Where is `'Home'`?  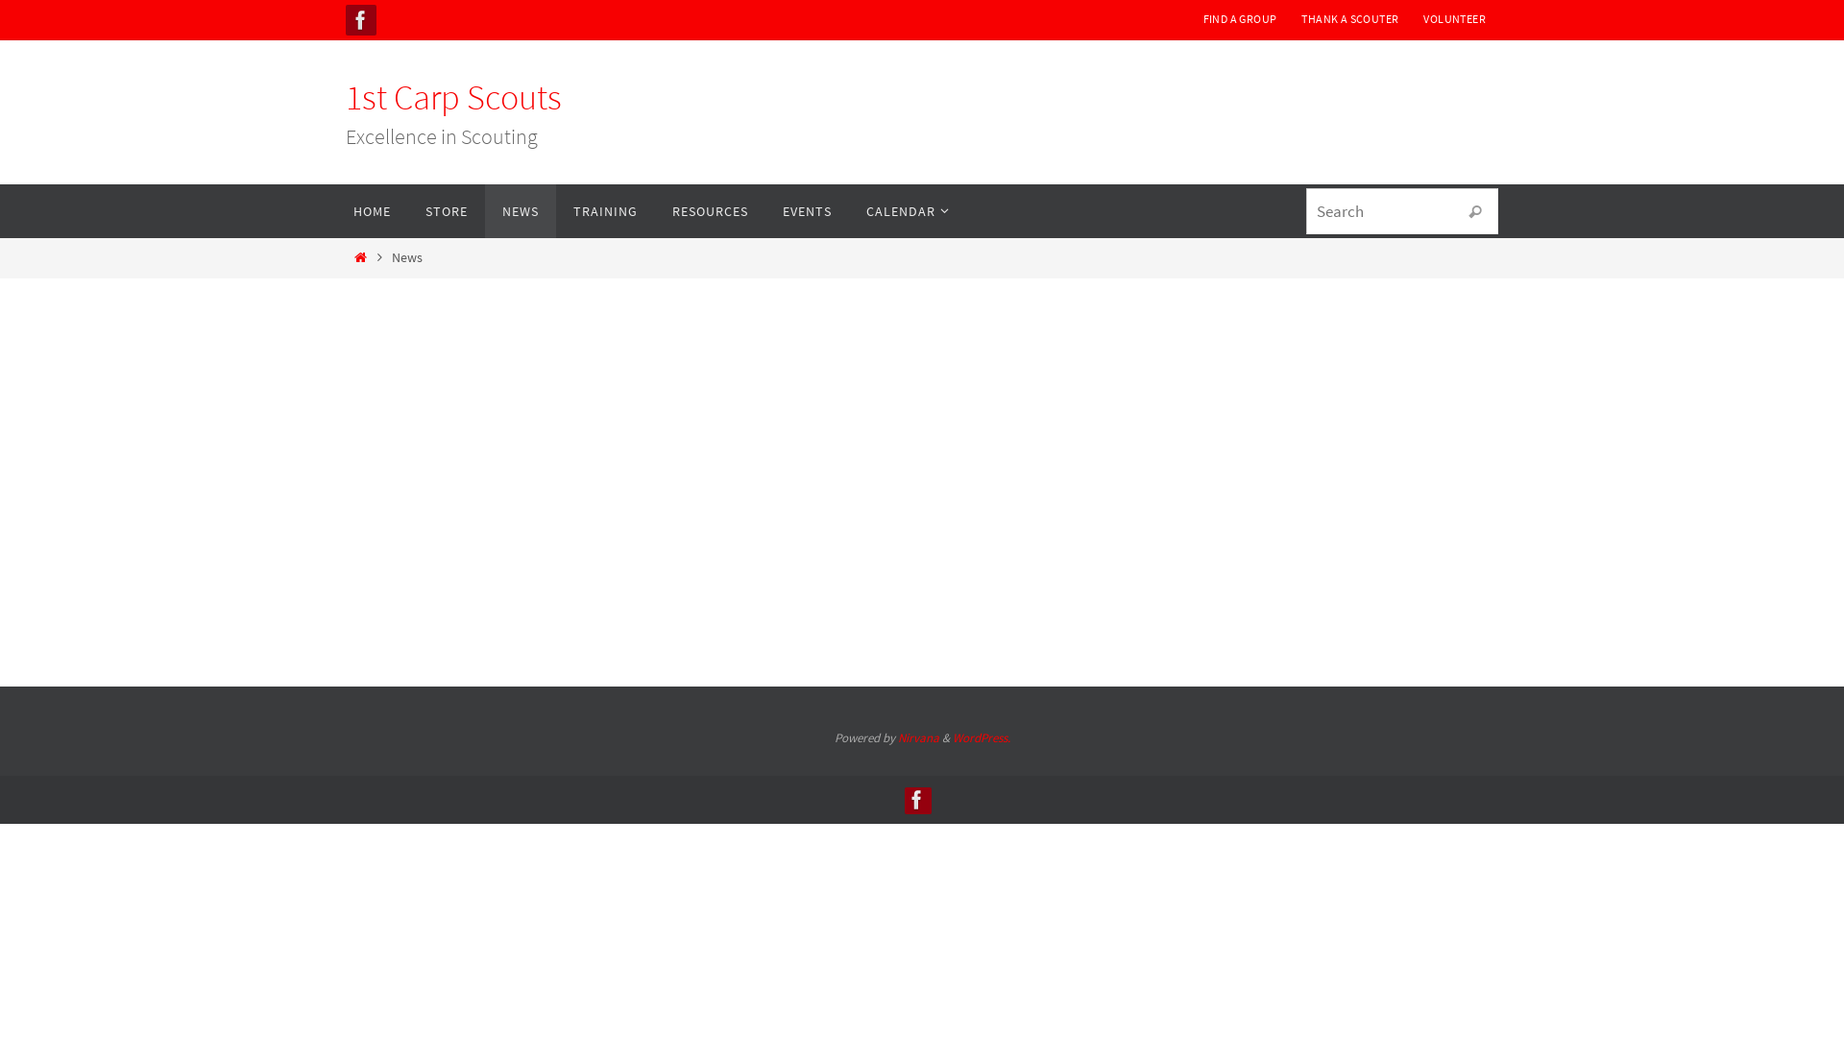
'Home' is located at coordinates (359, 255).